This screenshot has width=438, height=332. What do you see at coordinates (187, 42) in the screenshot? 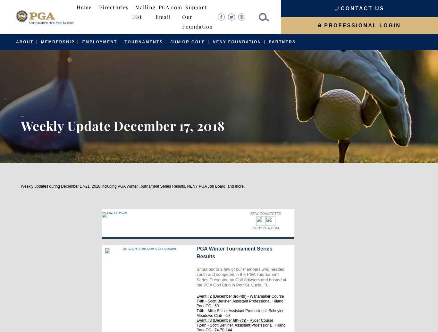
I see `'Junior Golf'` at bounding box center [187, 42].